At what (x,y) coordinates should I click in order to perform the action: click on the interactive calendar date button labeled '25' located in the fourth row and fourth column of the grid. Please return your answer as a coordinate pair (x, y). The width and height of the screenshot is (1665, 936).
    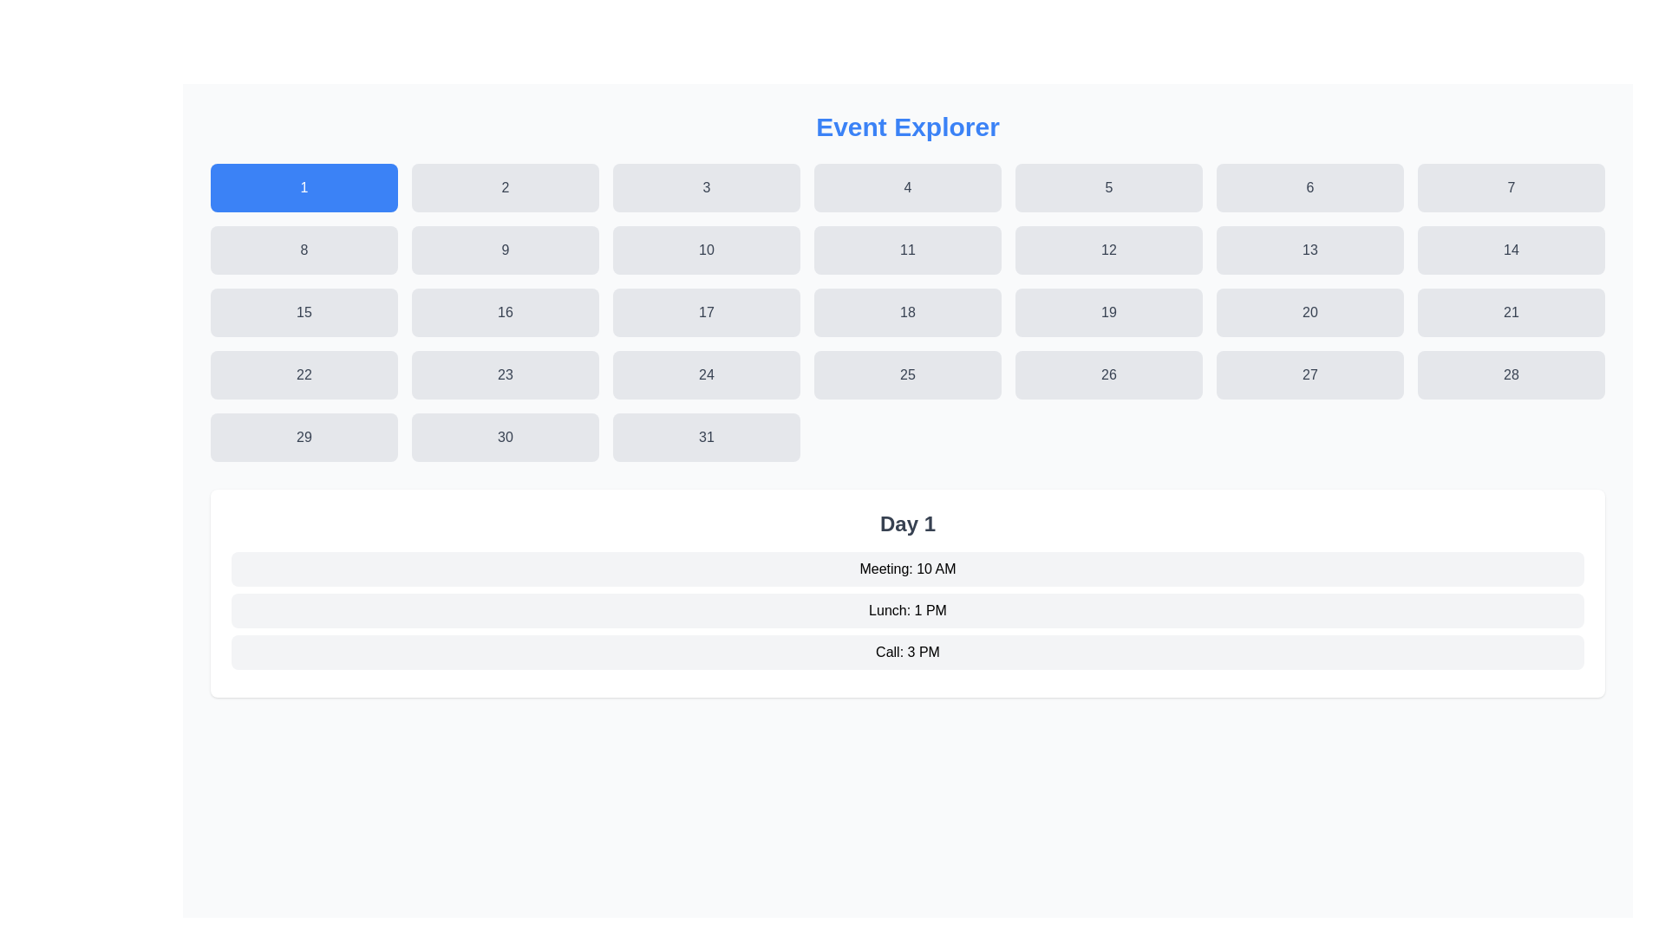
    Looking at the image, I should click on (906, 374).